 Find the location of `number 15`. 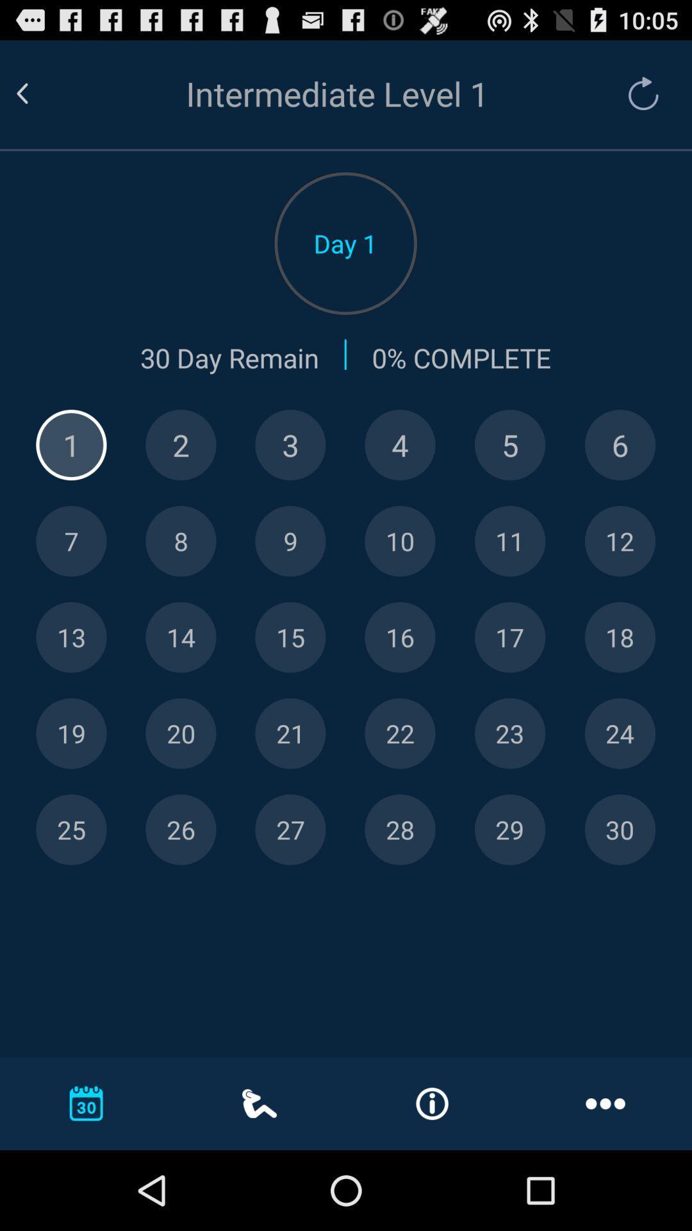

number 15 is located at coordinates (290, 637).